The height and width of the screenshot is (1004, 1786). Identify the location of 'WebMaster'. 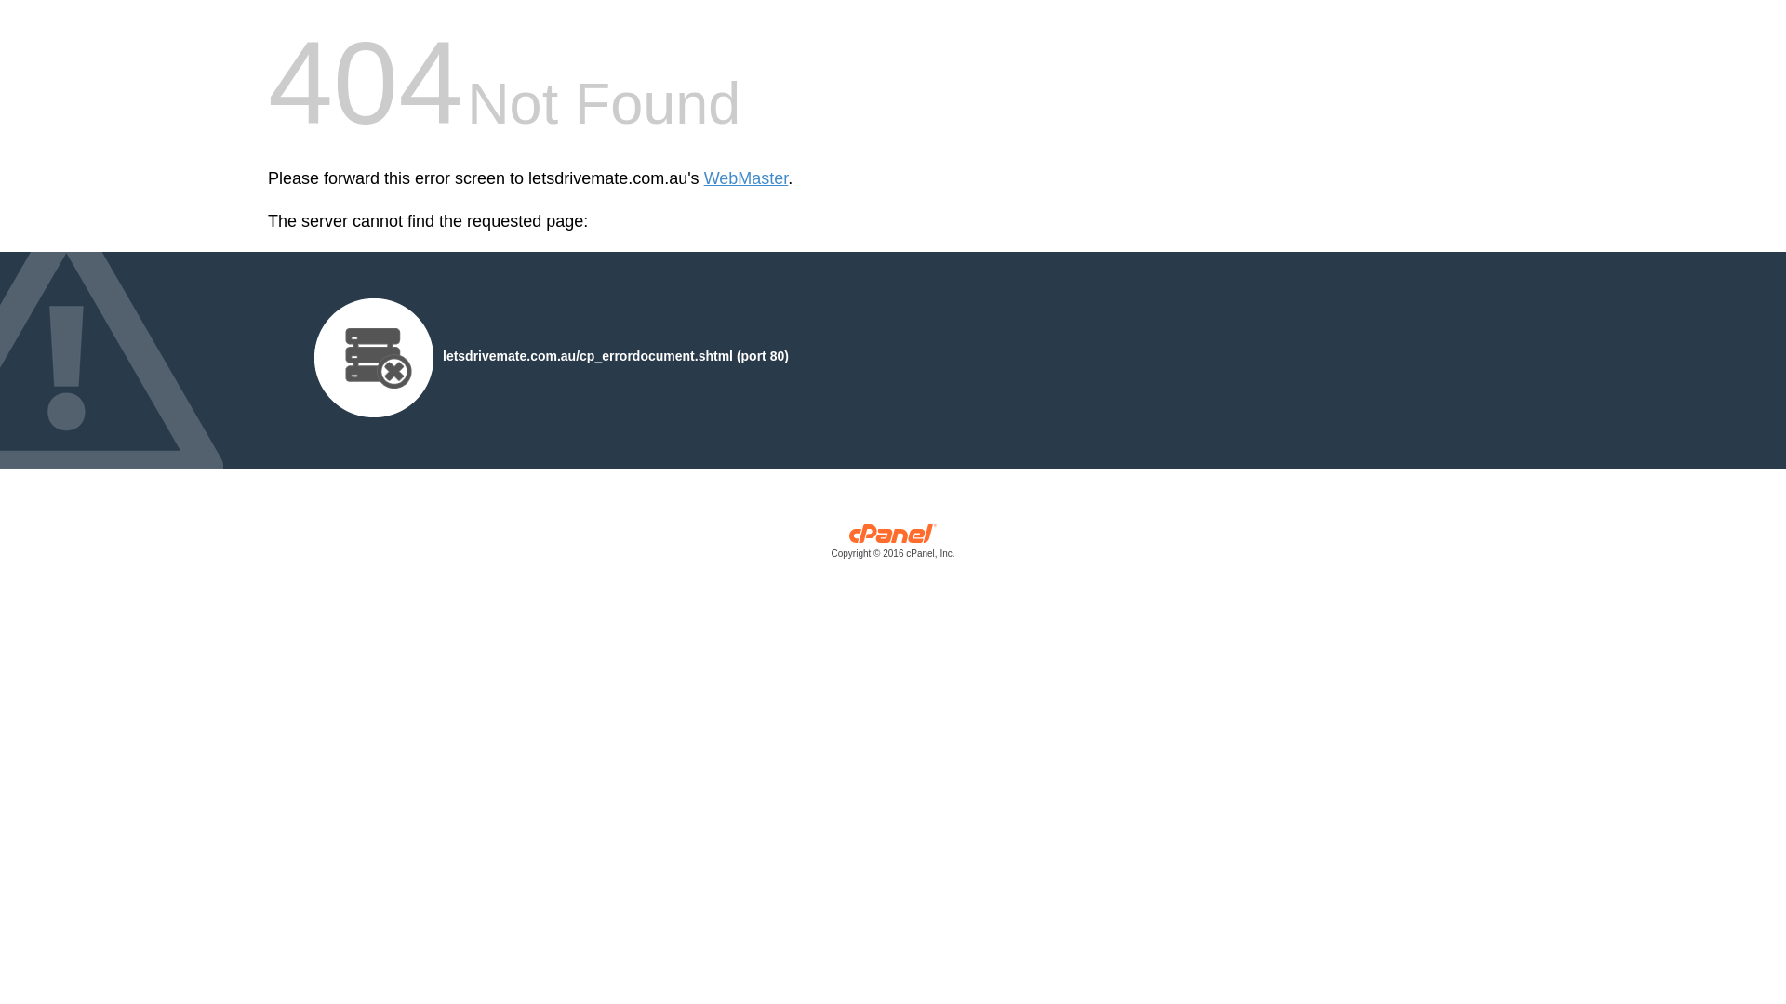
(703, 178).